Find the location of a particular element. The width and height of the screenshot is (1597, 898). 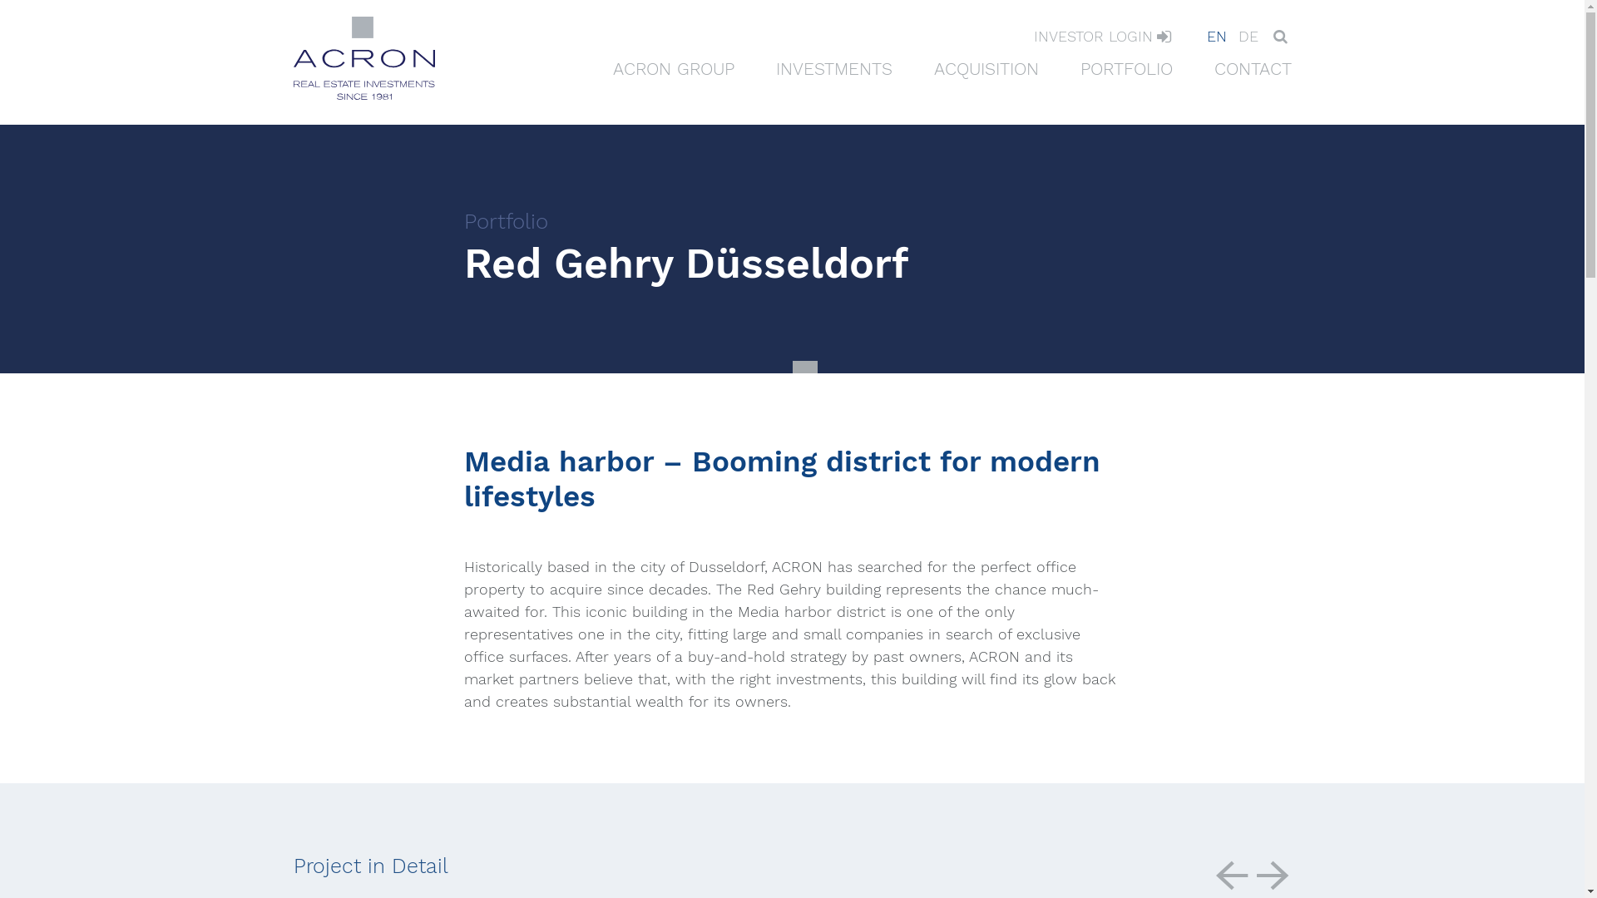

'ACQUISITION' is located at coordinates (986, 67).